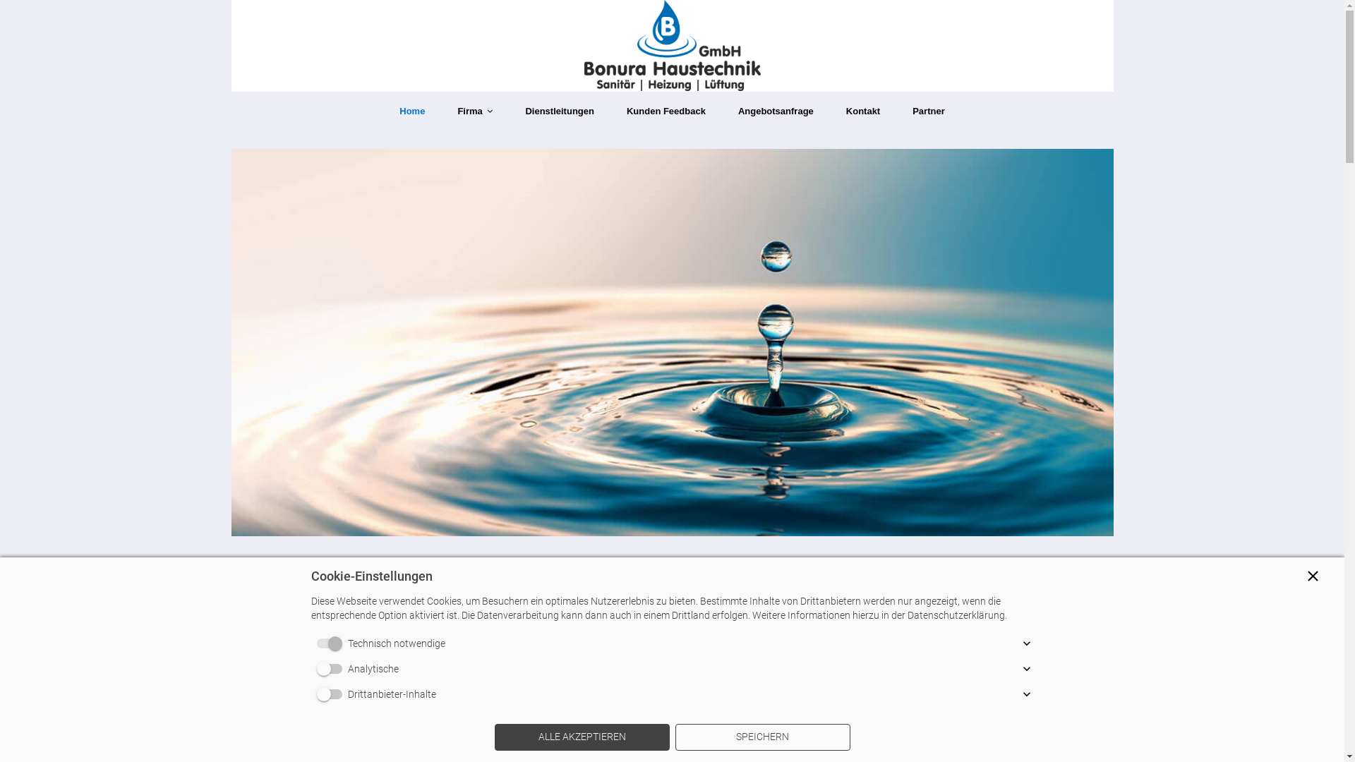  I want to click on 'Kontakt', so click(862, 110).